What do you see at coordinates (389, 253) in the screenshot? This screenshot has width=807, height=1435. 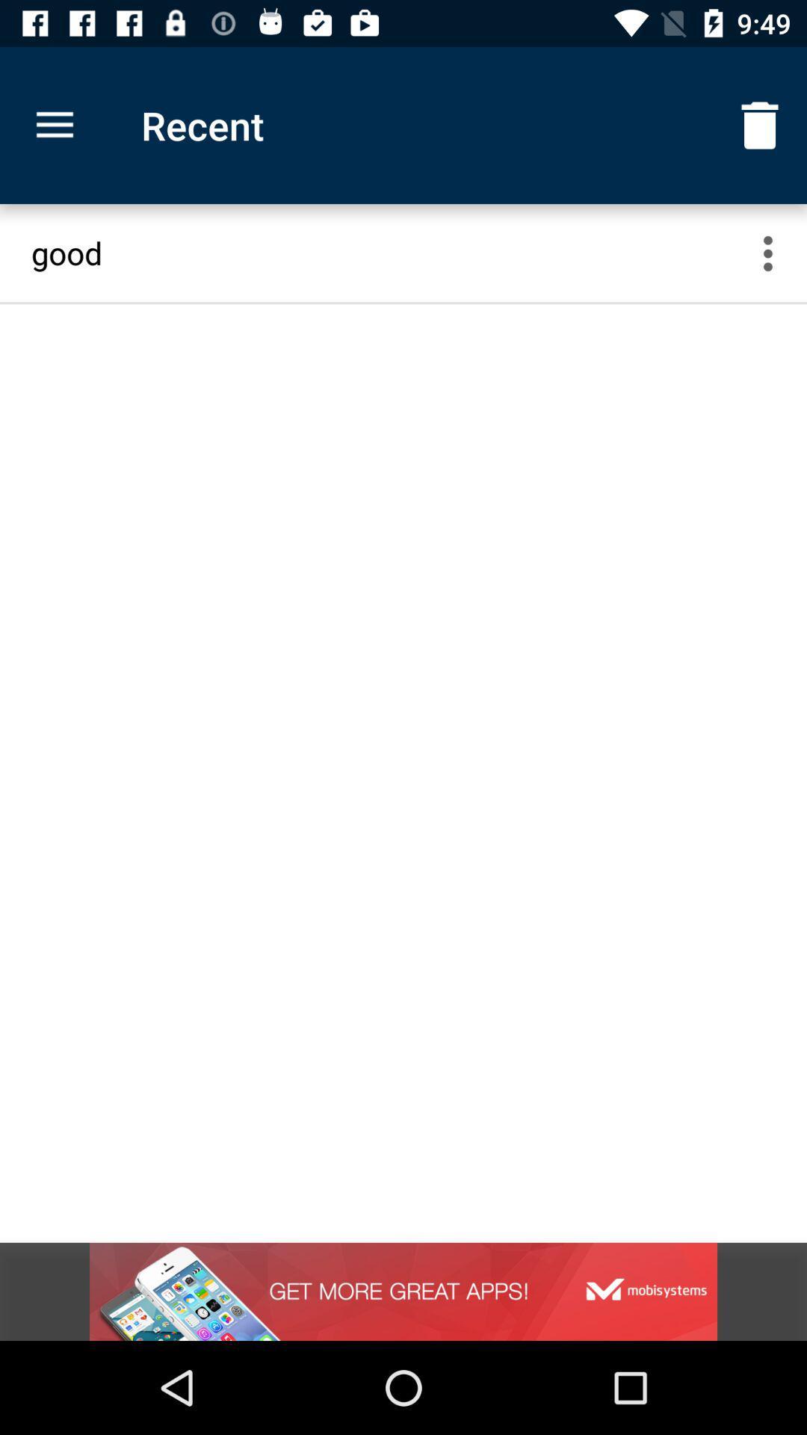 I see `the icon at the top` at bounding box center [389, 253].